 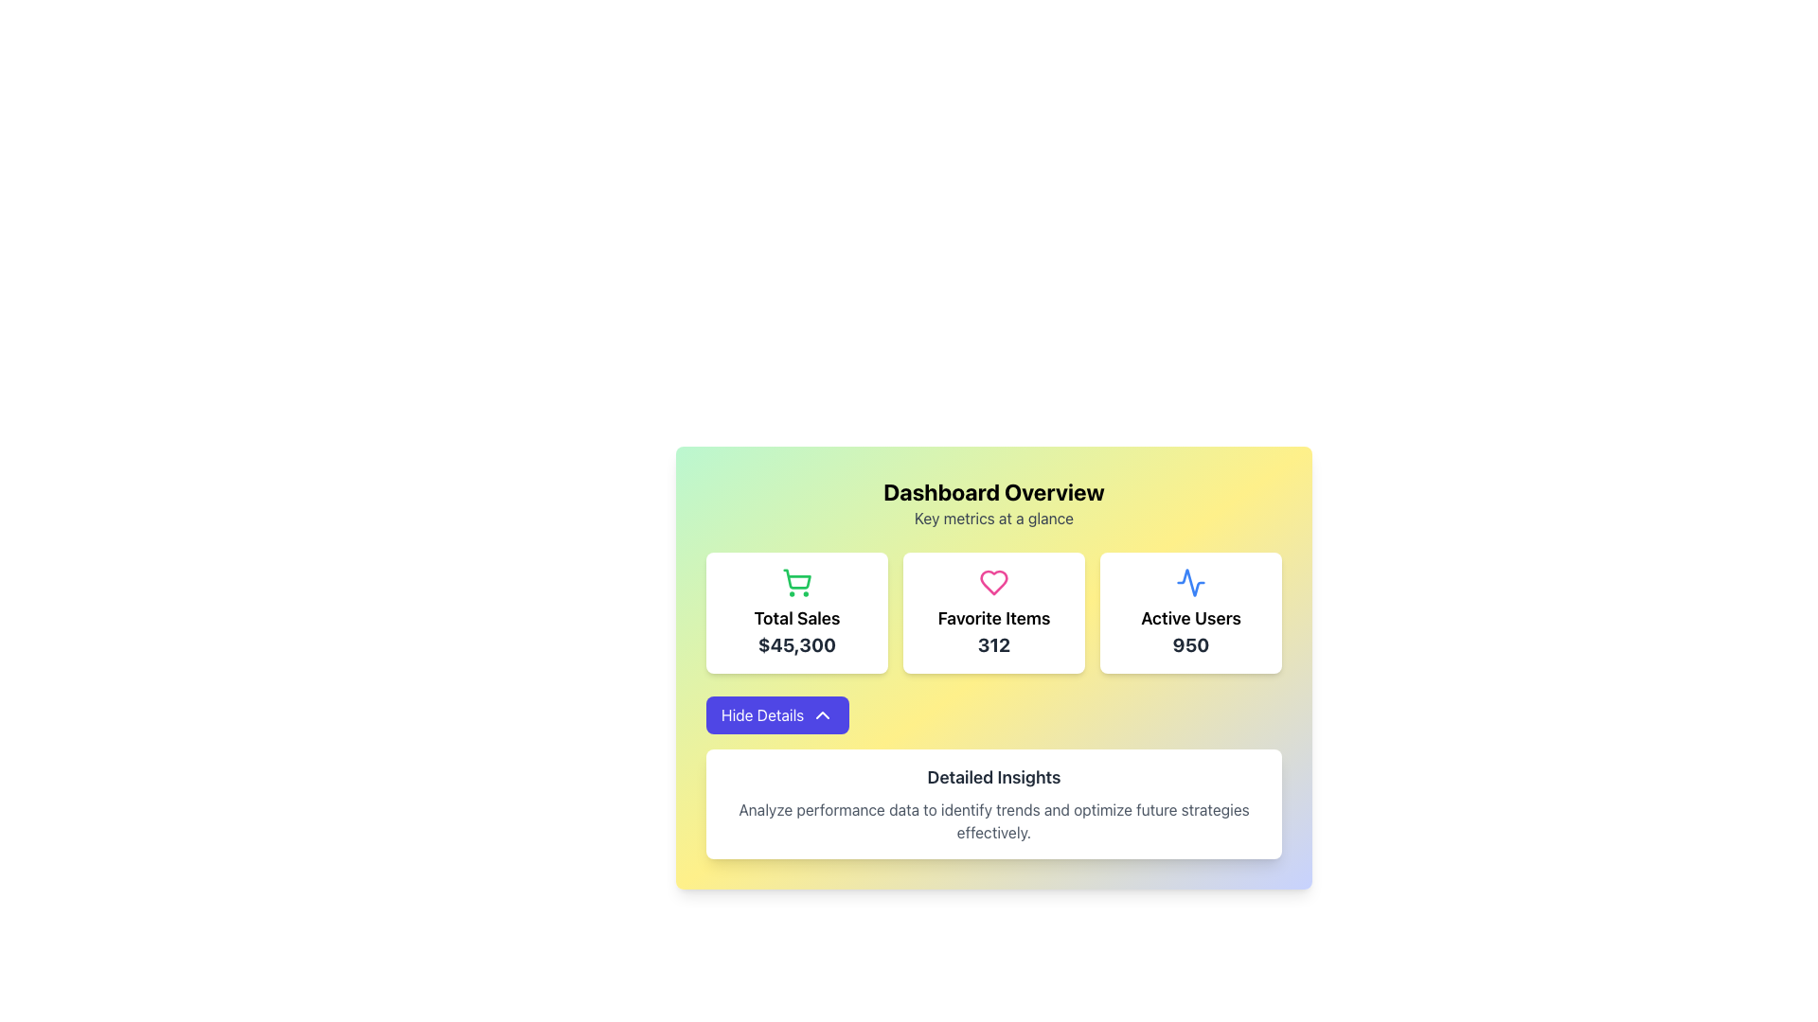 What do you see at coordinates (796, 582) in the screenshot?
I see `the shopping cart icon with a green outline located in the center-left card of the dashboard, which is above the 'Total Sales' text and '$45,300'` at bounding box center [796, 582].